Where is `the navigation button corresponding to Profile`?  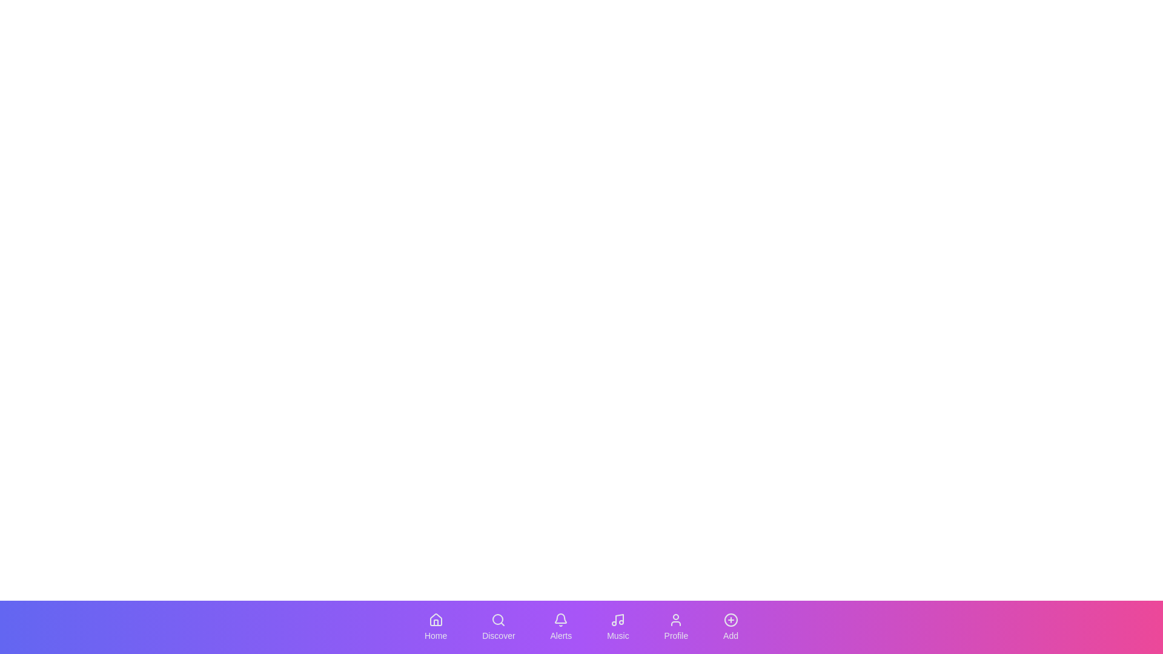 the navigation button corresponding to Profile is located at coordinates (675, 627).